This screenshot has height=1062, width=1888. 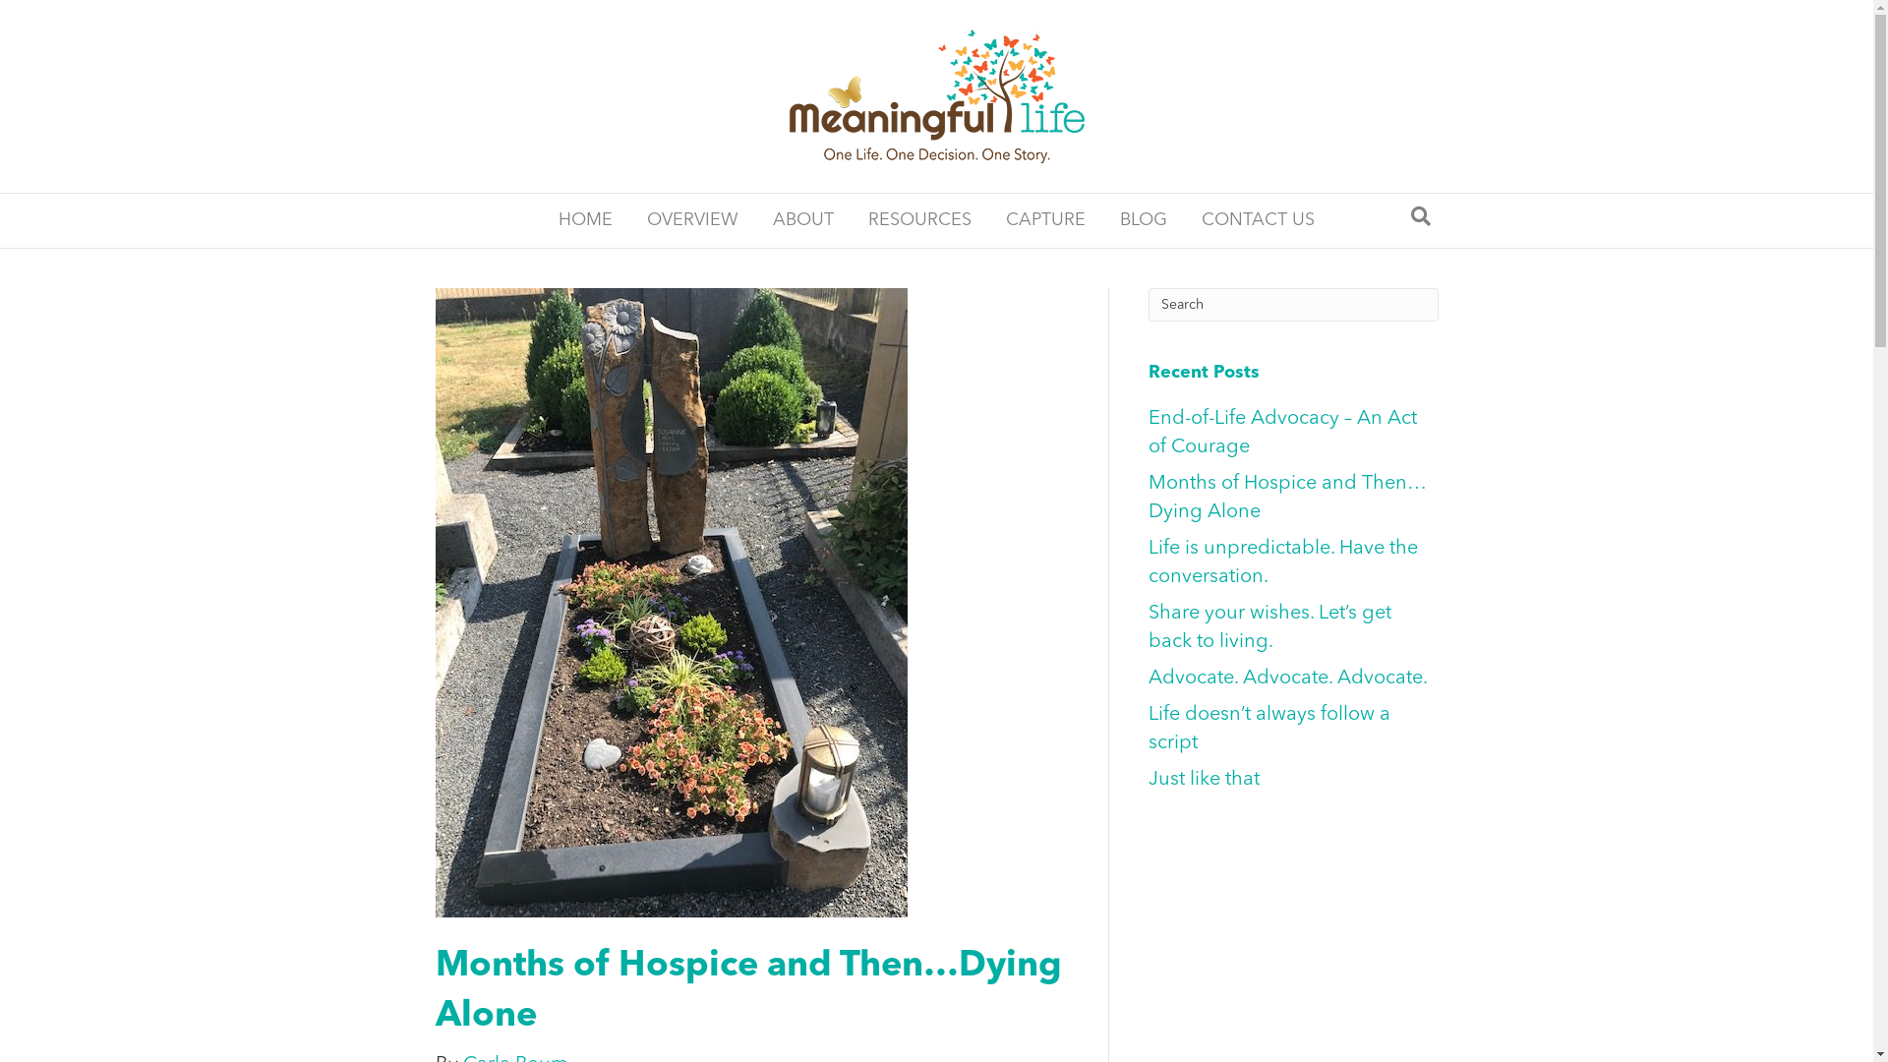 What do you see at coordinates (1257, 220) in the screenshot?
I see `'CONTACT US'` at bounding box center [1257, 220].